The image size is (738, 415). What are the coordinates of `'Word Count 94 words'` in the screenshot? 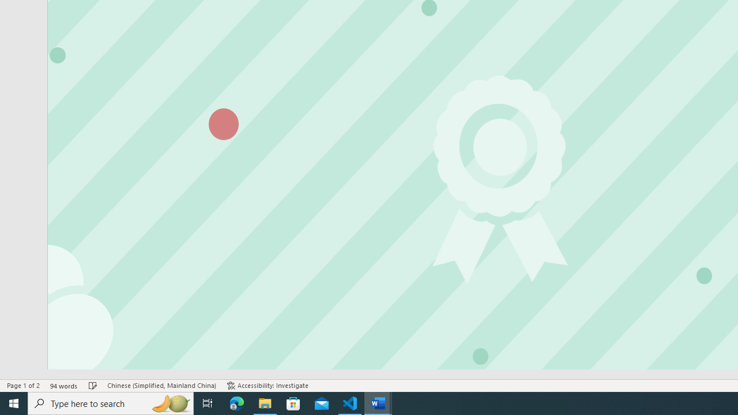 It's located at (63, 386).